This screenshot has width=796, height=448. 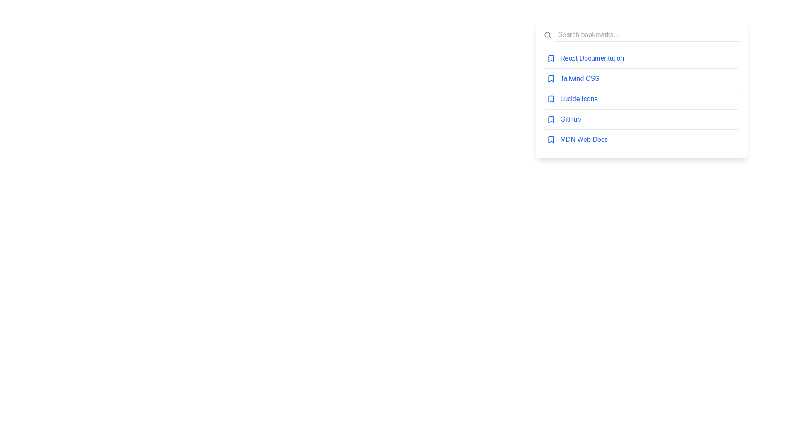 I want to click on the bookmark titled 'Lucide Icons', so click(x=641, y=98).